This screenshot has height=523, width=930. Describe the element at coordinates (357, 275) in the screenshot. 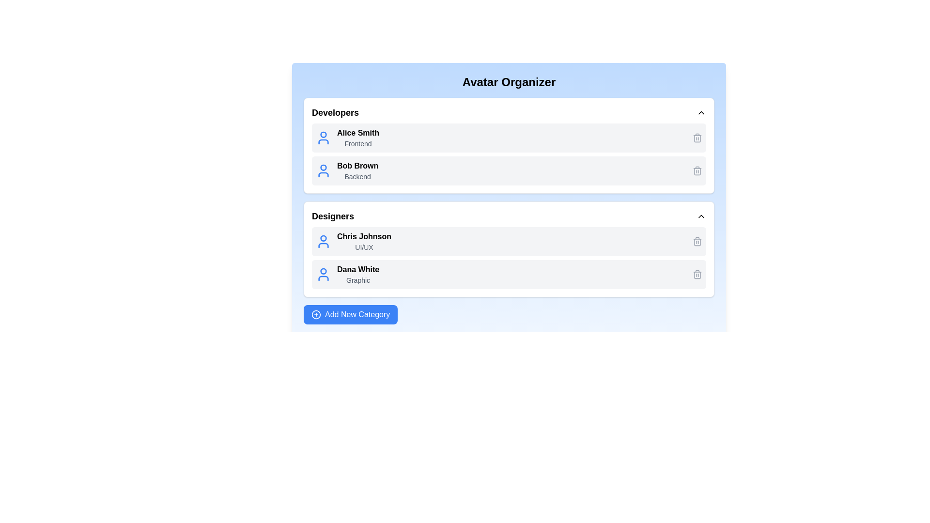

I see `the text display component that shows the name 'Dana White' and the job role 'Graphic', located in the 'Designers' group as the last entry, to the right of a user icon` at that location.